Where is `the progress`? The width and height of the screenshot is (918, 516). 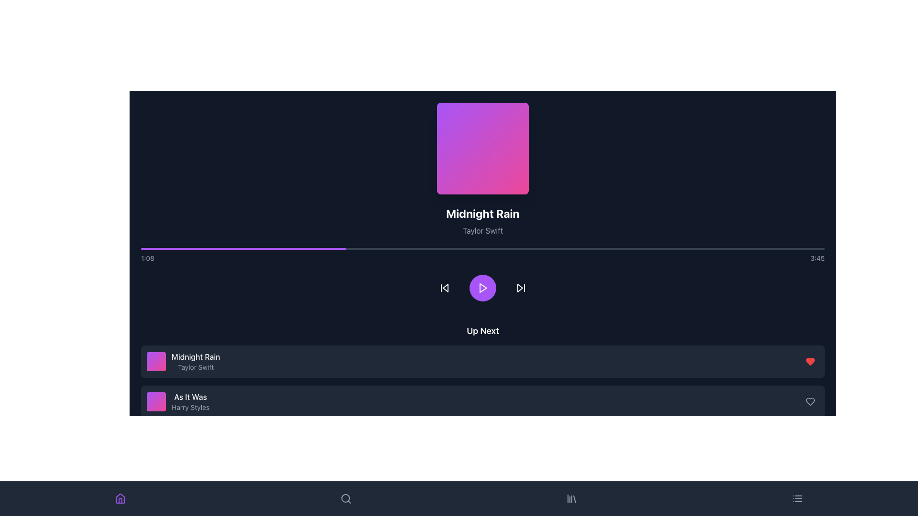
the progress is located at coordinates (591, 248).